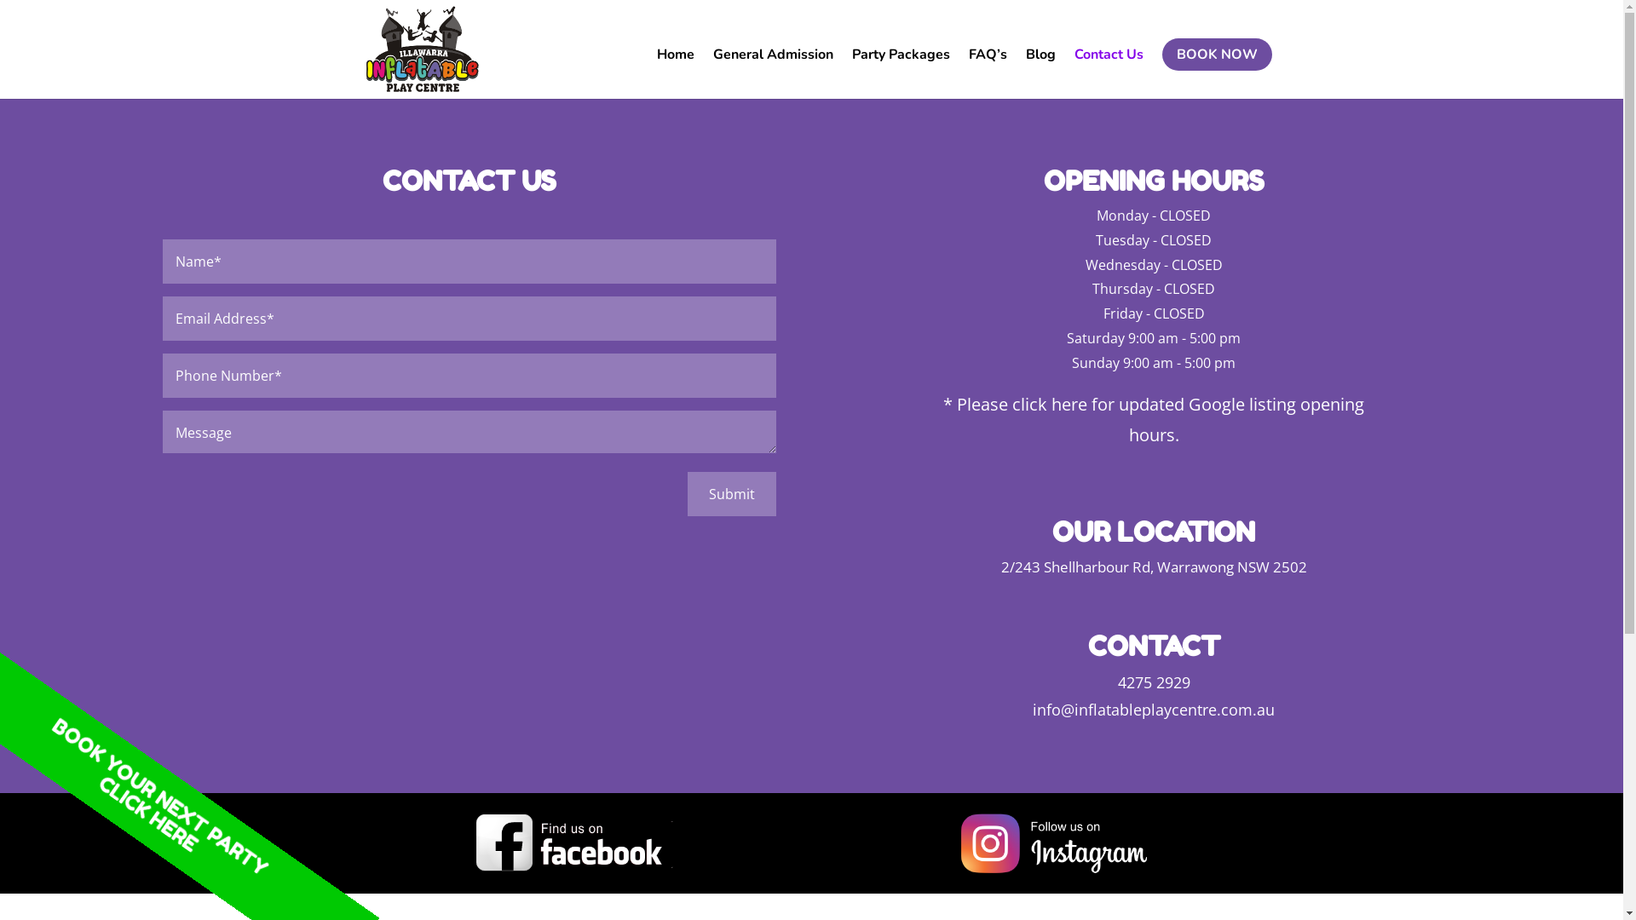 The width and height of the screenshot is (1636, 920). Describe the element at coordinates (851, 72) in the screenshot. I see `'Party Packages'` at that location.